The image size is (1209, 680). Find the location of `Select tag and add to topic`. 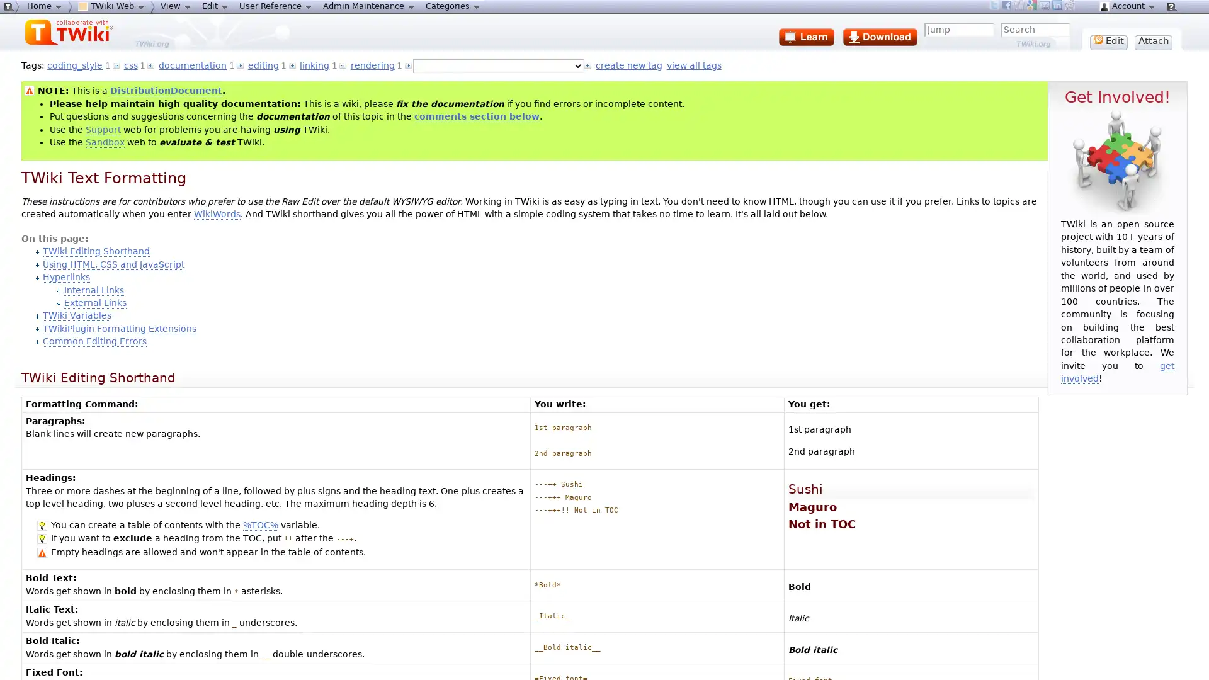

Select tag and add to topic is located at coordinates (587, 65).